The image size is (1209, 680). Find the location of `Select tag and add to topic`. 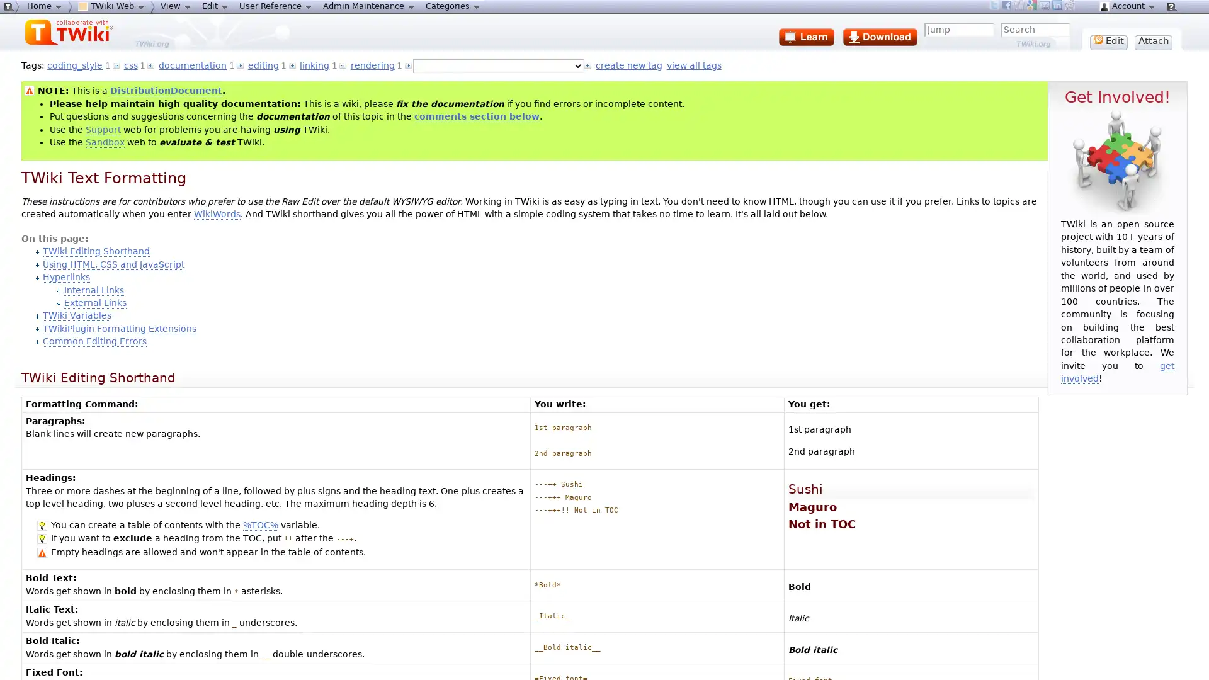

Select tag and add to topic is located at coordinates (587, 65).